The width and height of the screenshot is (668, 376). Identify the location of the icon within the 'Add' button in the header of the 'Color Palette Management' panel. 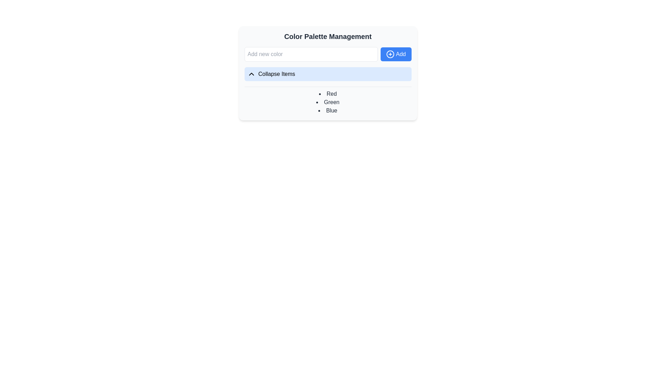
(390, 54).